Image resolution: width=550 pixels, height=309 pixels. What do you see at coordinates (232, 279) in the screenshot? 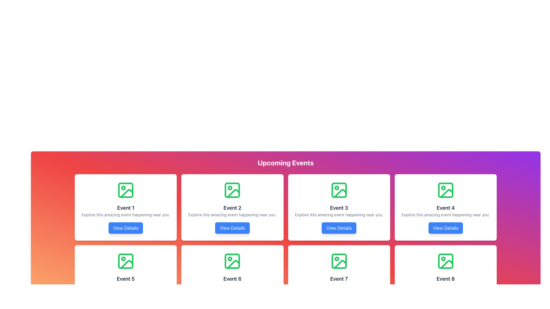
I see `the text label that serves as a title for the event card, located in the second card of the third row` at bounding box center [232, 279].